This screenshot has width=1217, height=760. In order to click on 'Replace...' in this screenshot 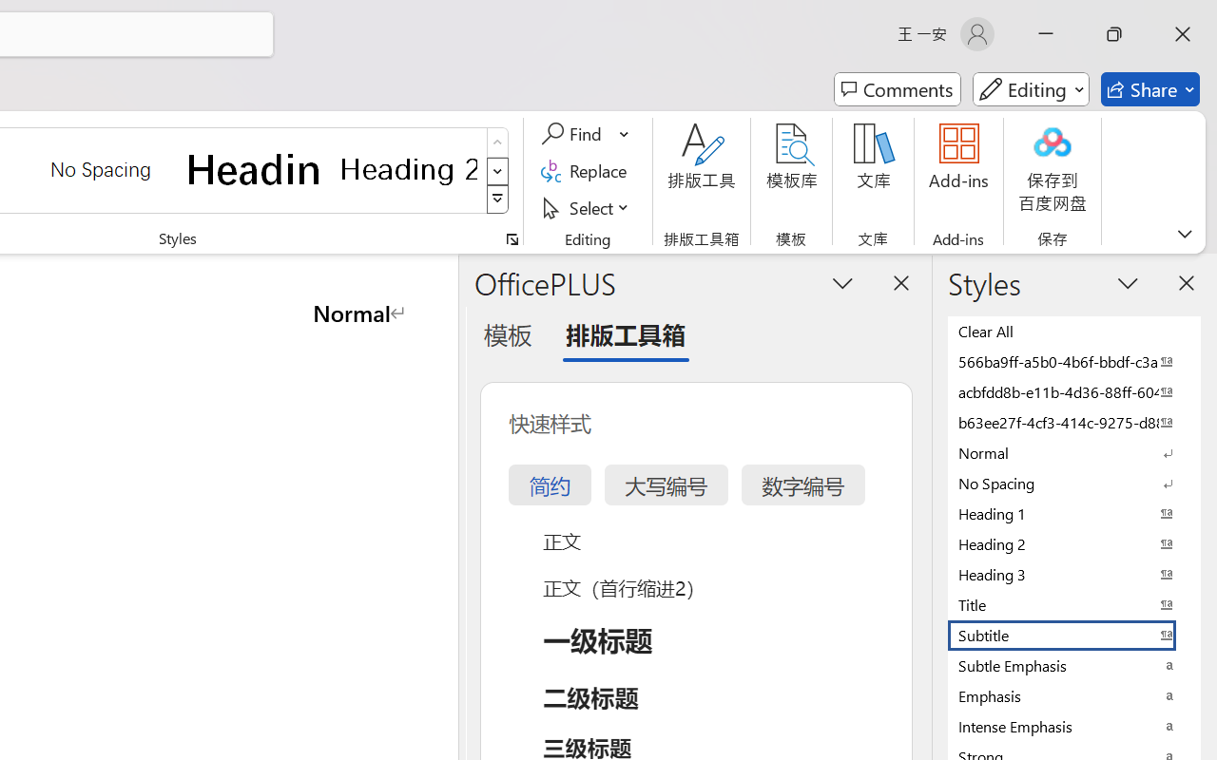, I will do `click(586, 170)`.